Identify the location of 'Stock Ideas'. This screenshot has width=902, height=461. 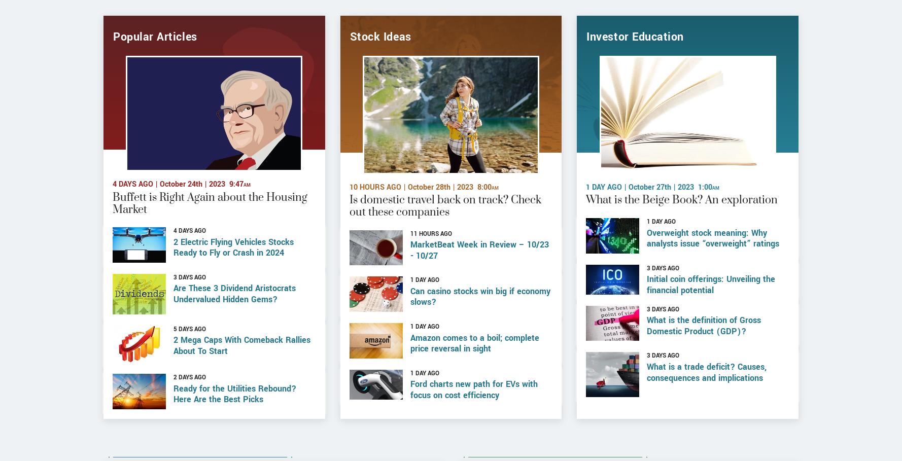
(349, 75).